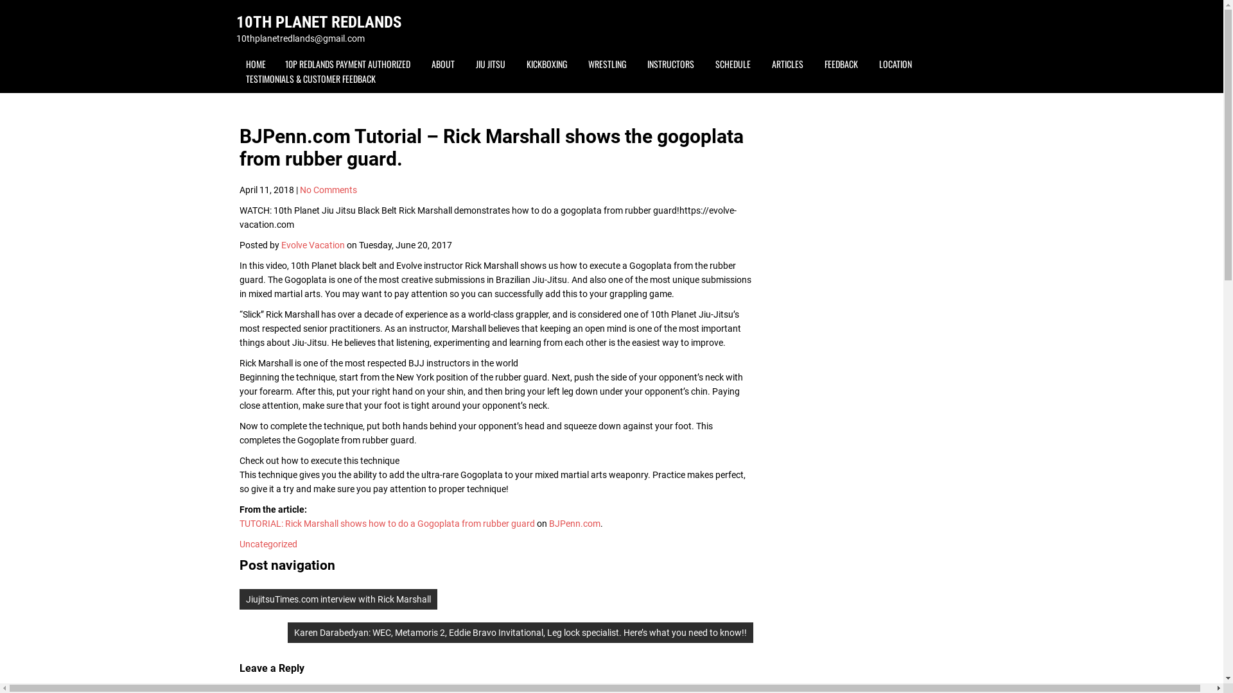 This screenshot has height=693, width=1233. I want to click on '10TH PLANET REDLANDS', so click(319, 22).